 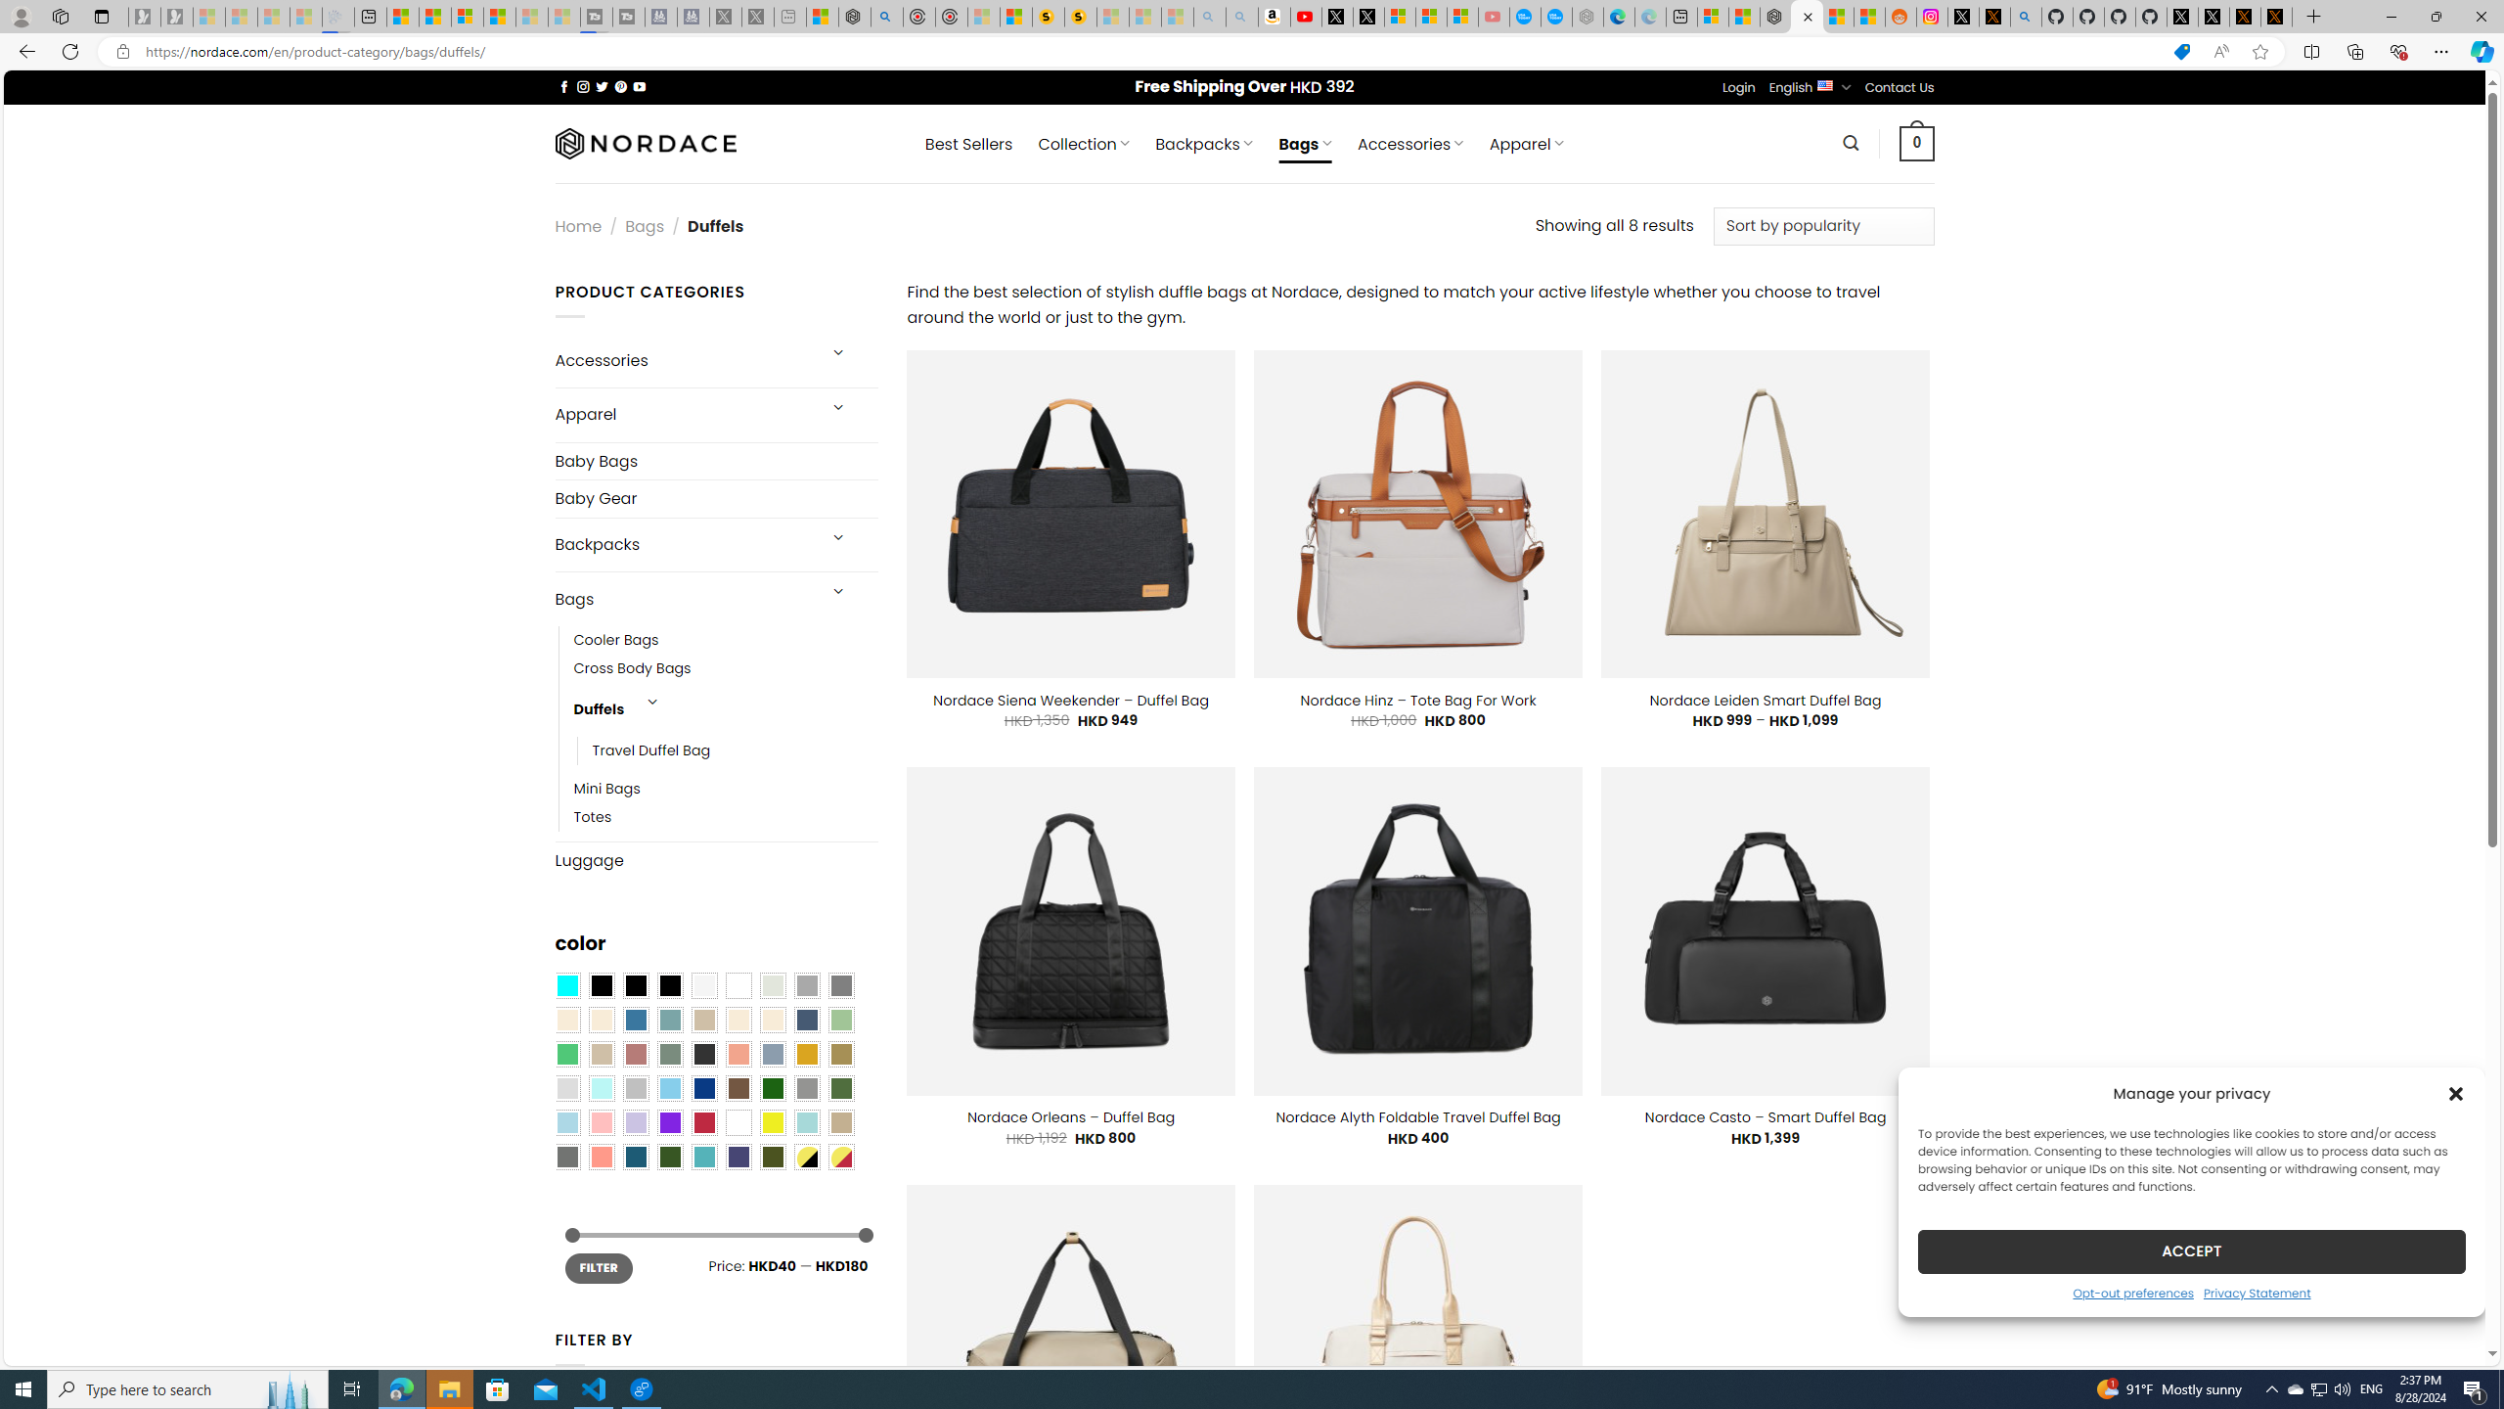 What do you see at coordinates (2456, 1093) in the screenshot?
I see `'Class: cmplz-close'` at bounding box center [2456, 1093].